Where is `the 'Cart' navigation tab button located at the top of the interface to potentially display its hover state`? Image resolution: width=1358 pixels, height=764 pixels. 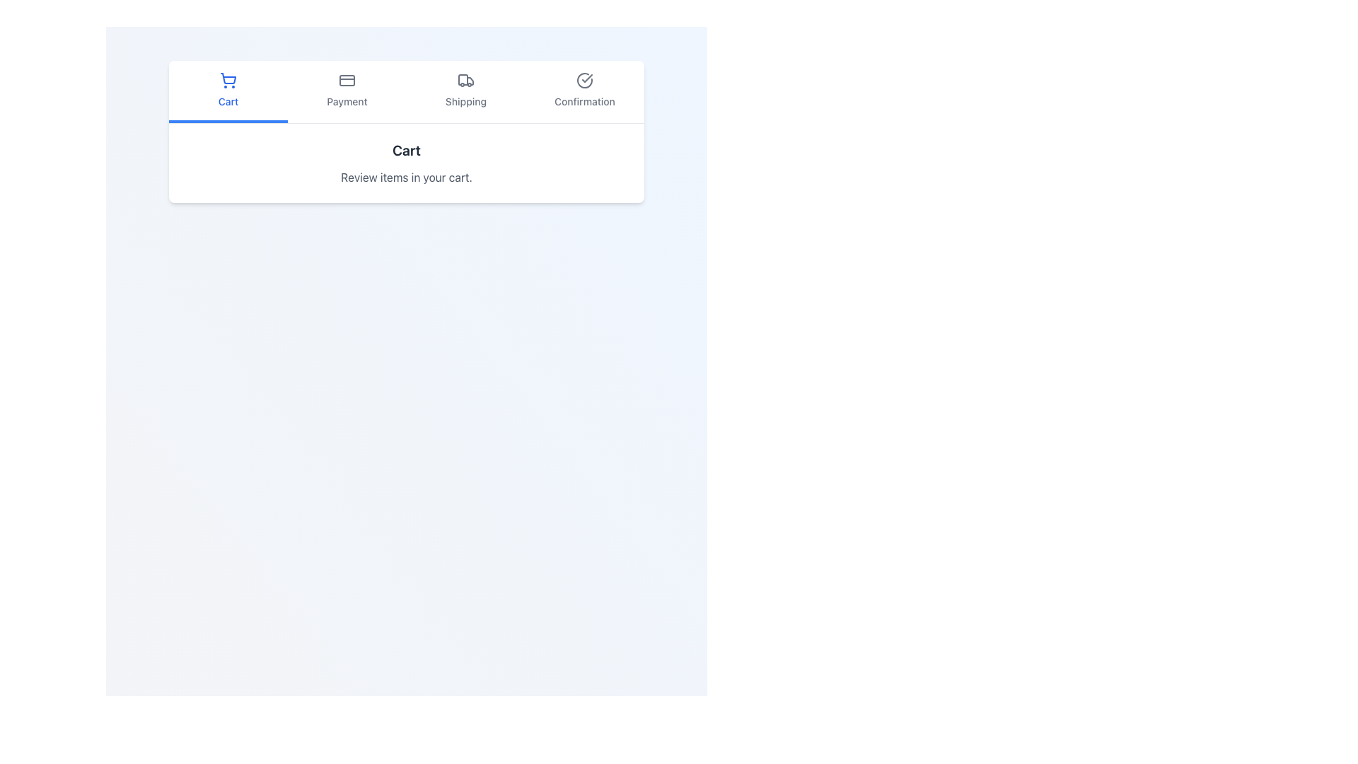
the 'Cart' navigation tab button located at the top of the interface to potentially display its hover state is located at coordinates (228, 92).